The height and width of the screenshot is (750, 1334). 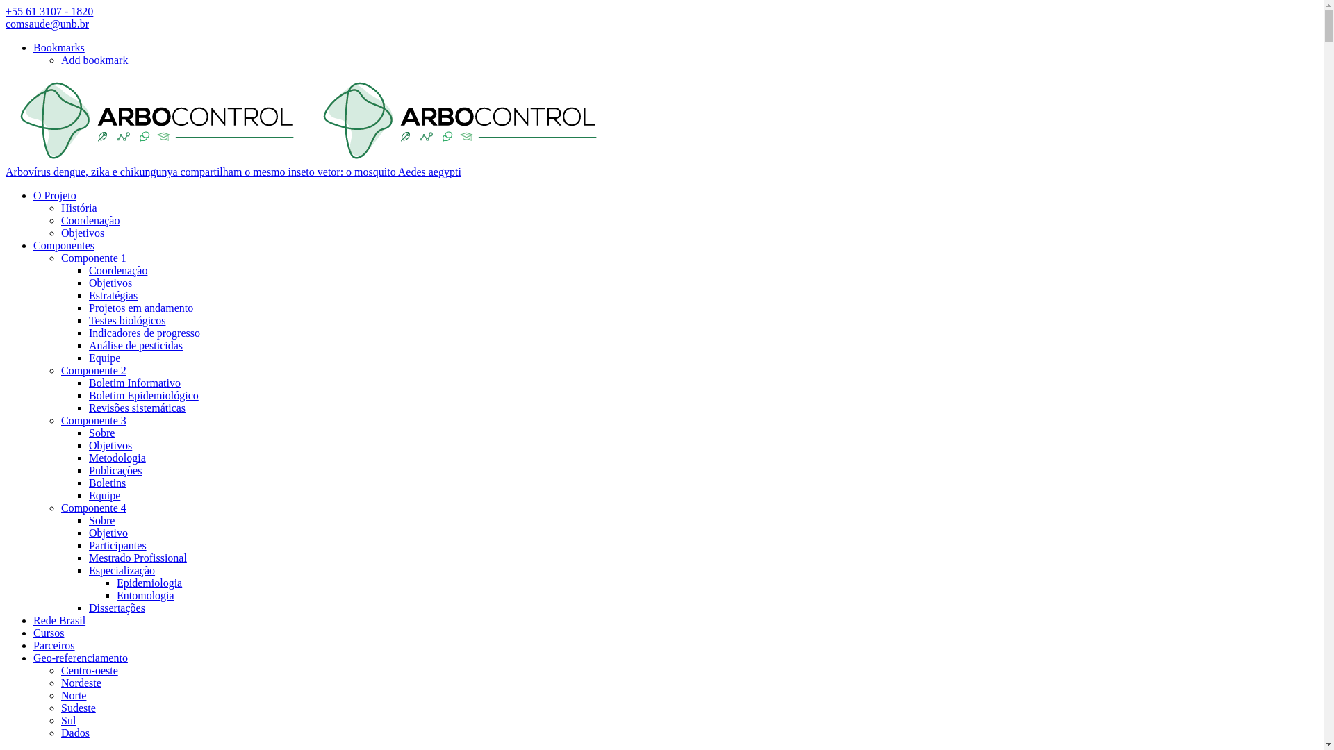 I want to click on 'Boletins', so click(x=106, y=482).